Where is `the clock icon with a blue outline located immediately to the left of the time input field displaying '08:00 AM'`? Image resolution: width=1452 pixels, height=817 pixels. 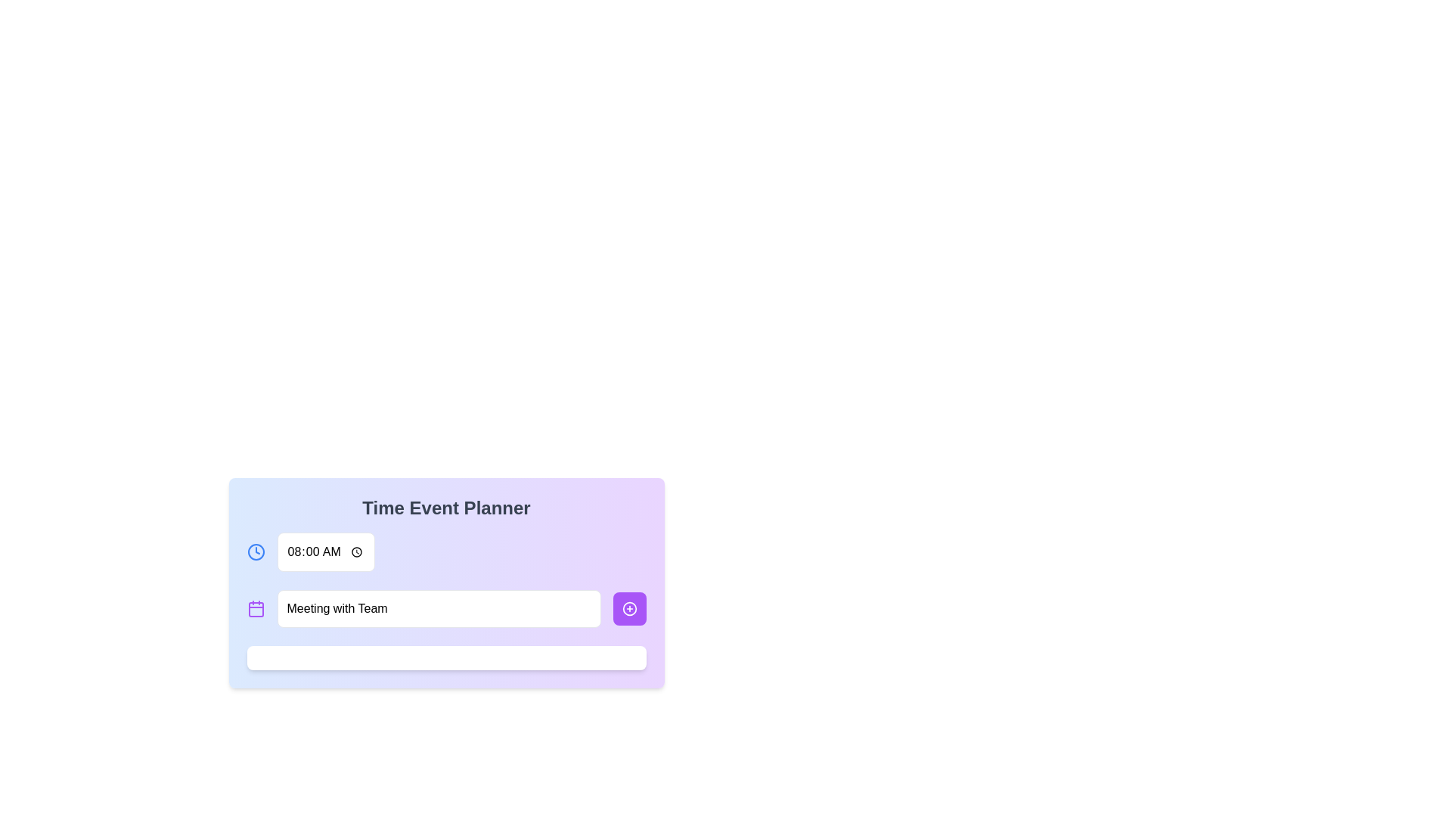 the clock icon with a blue outline located immediately to the left of the time input field displaying '08:00 AM' is located at coordinates (256, 551).